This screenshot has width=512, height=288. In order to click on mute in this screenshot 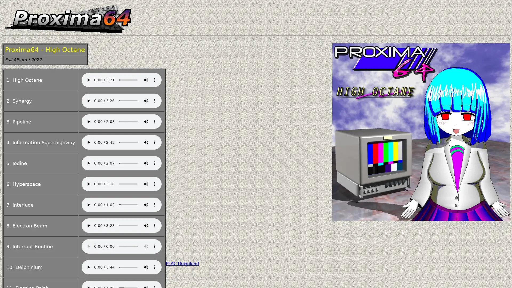, I will do `click(146, 163)`.